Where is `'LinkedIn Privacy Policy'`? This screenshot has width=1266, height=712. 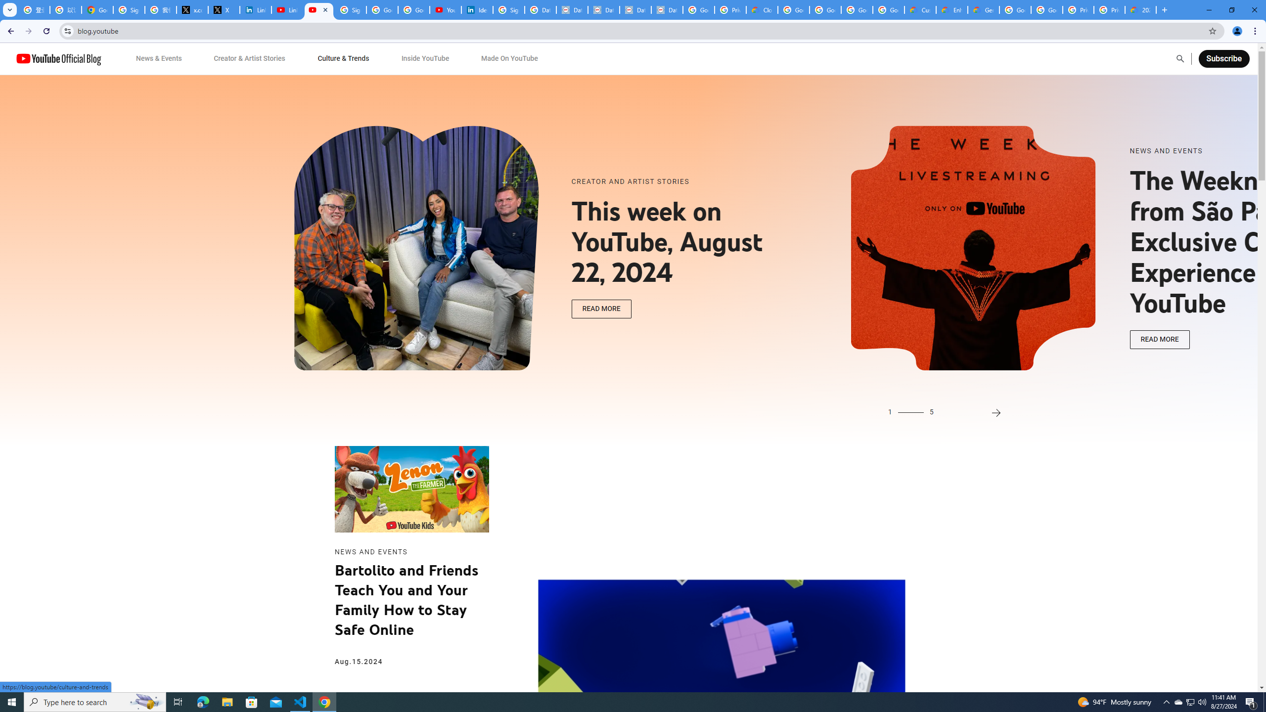 'LinkedIn Privacy Policy' is located at coordinates (256, 9).